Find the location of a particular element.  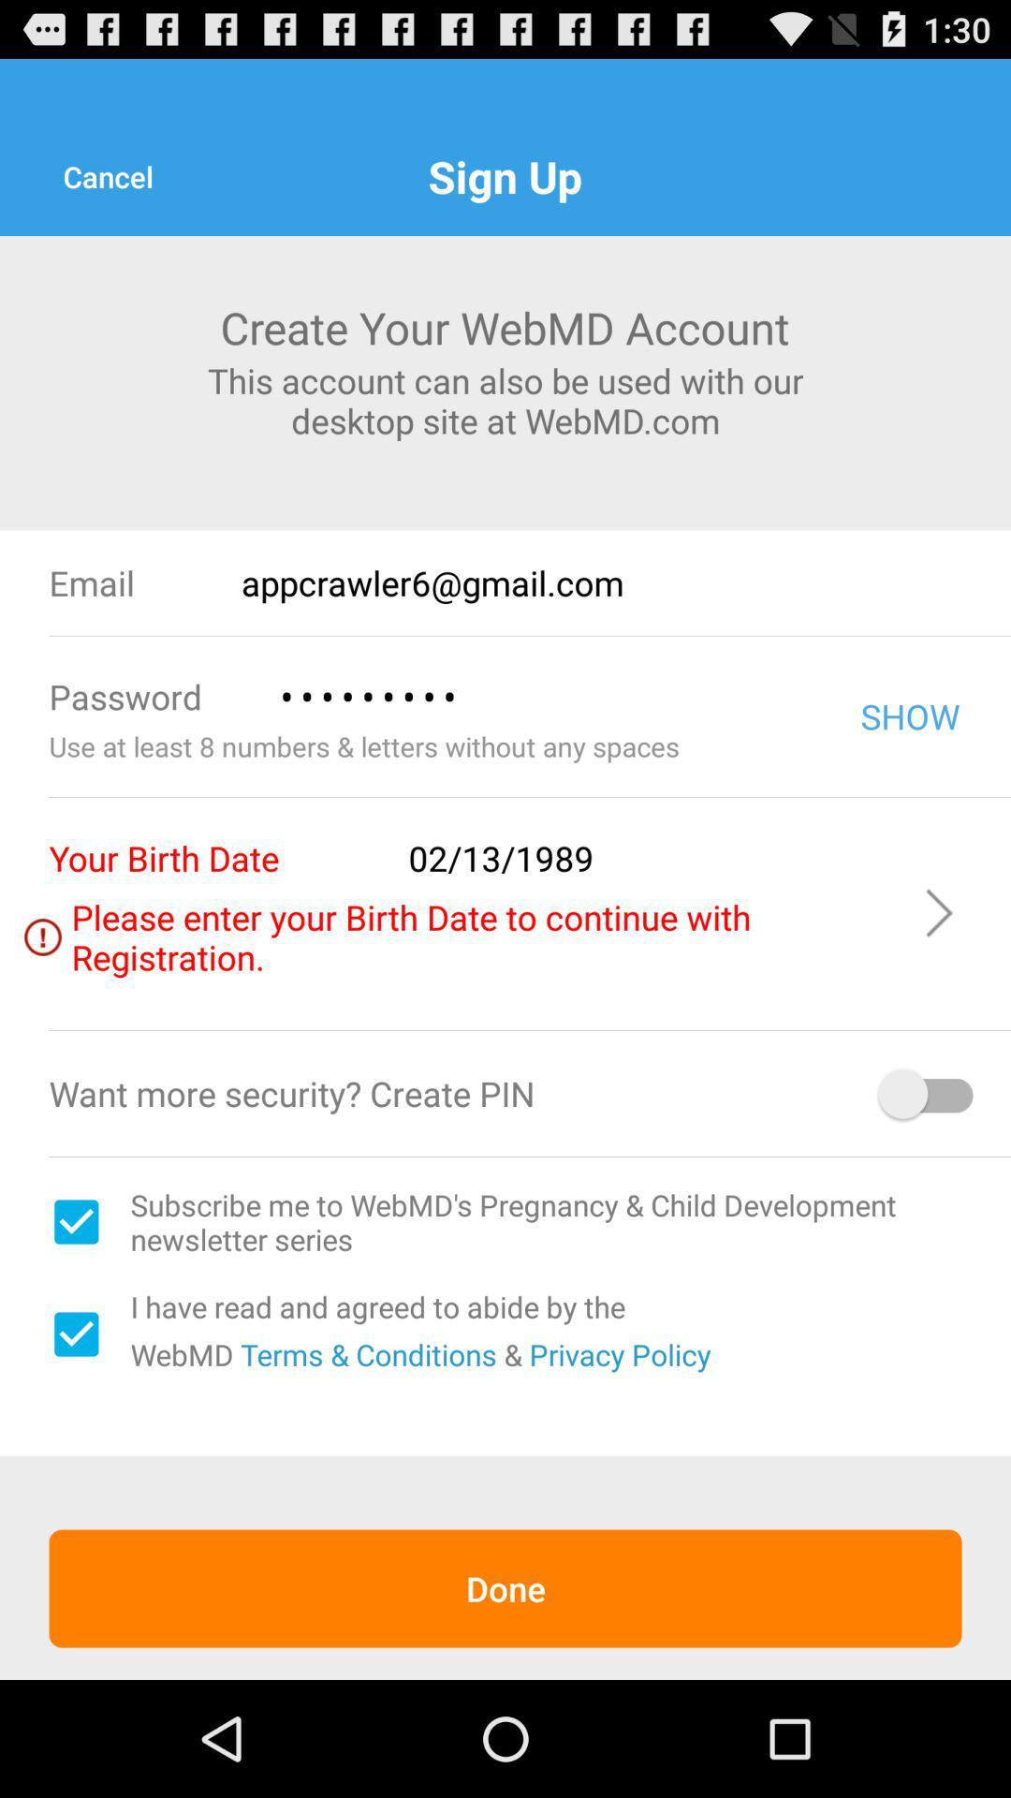

tick the subscribe is located at coordinates (75, 1222).